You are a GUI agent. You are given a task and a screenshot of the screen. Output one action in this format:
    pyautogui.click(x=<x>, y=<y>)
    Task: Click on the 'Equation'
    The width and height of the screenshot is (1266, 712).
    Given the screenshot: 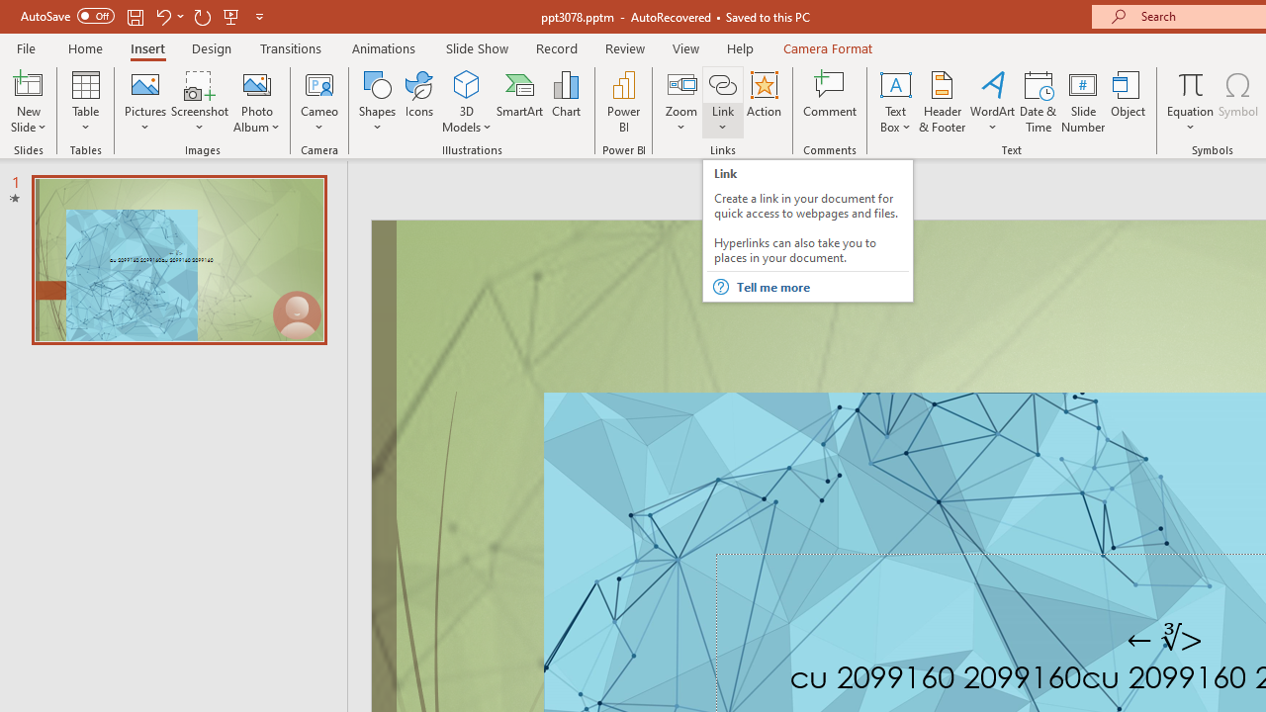 What is the action you would take?
    pyautogui.click(x=1189, y=83)
    